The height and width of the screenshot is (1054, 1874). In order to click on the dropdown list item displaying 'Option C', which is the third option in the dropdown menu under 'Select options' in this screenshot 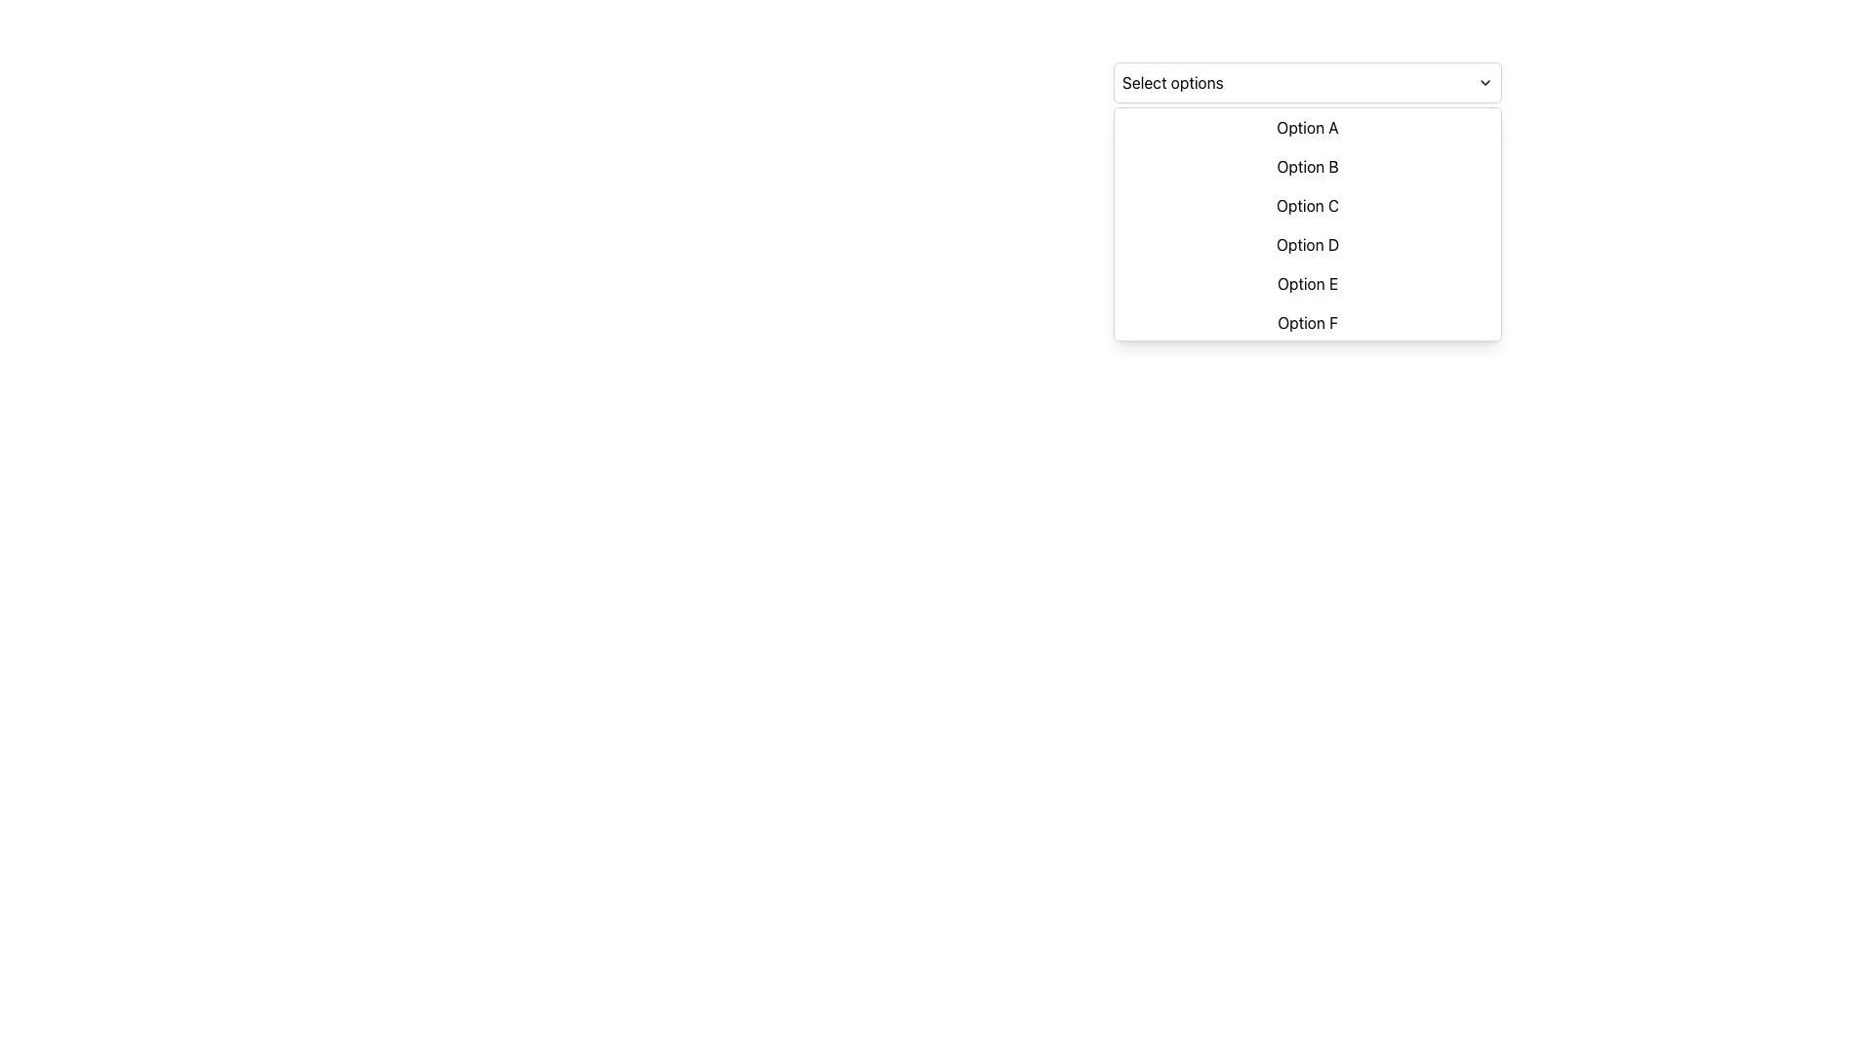, I will do `click(1307, 206)`.